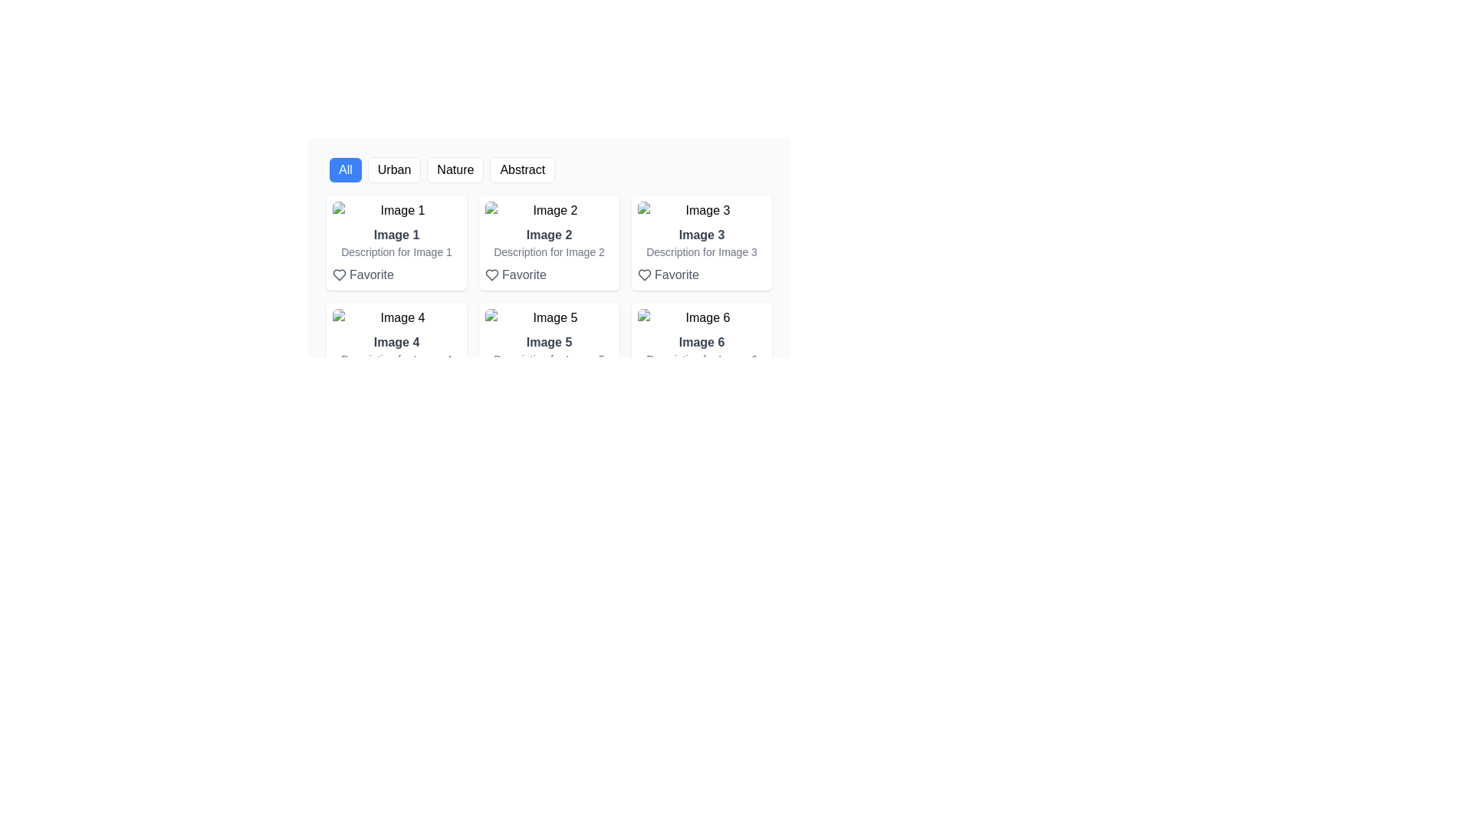 Image resolution: width=1472 pixels, height=828 pixels. Describe the element at coordinates (701, 235) in the screenshot. I see `text label 'Image 3' which is located at the top-center of a card in the third column of a grid layout` at that location.